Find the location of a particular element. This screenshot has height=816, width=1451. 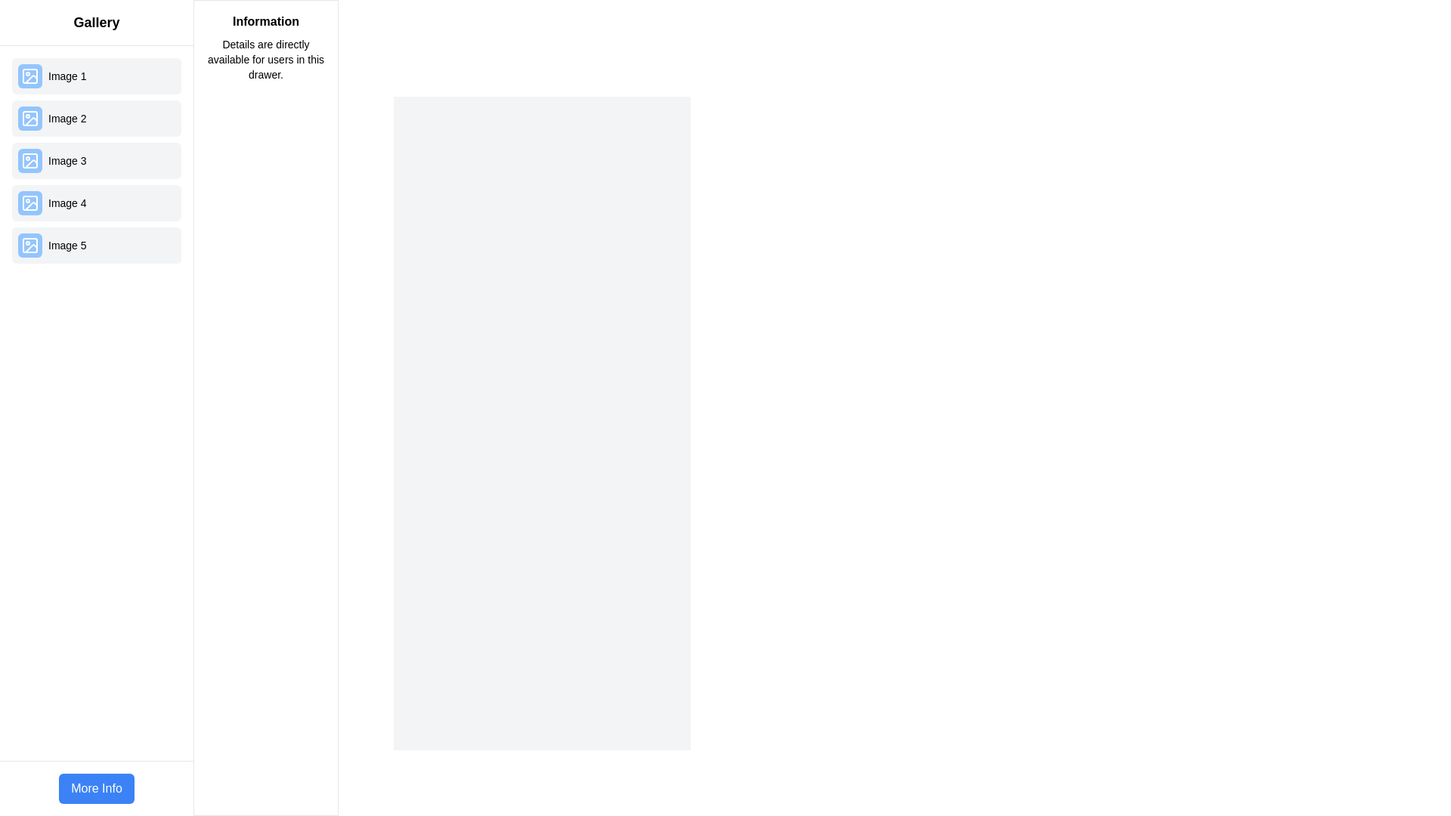

the first icon in the 'Gallery' section located in the left sidebar is located at coordinates (29, 76).